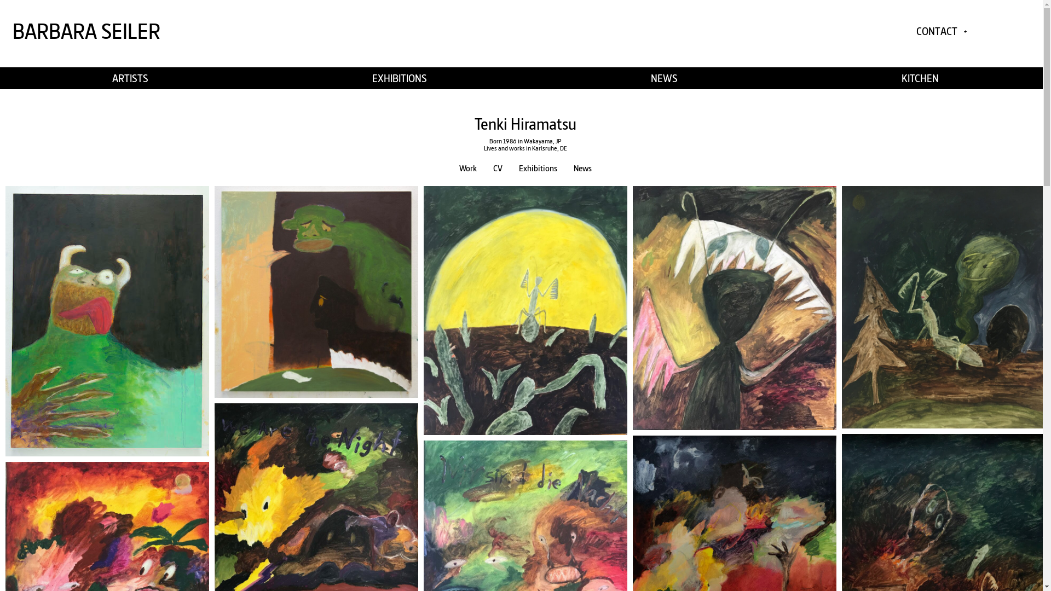 The image size is (1051, 591). Describe the element at coordinates (399, 77) in the screenshot. I see `'EXHIBITIONS'` at that location.